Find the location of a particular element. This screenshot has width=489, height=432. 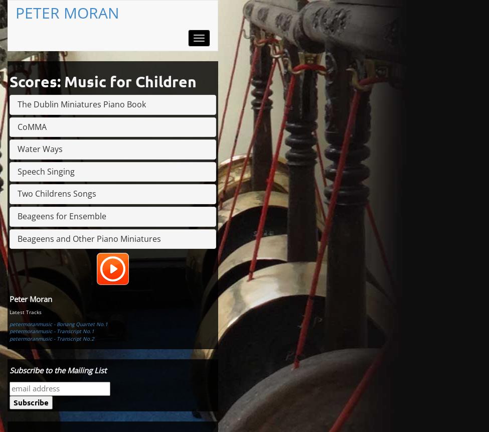

'Peter Moran' is located at coordinates (31, 298).